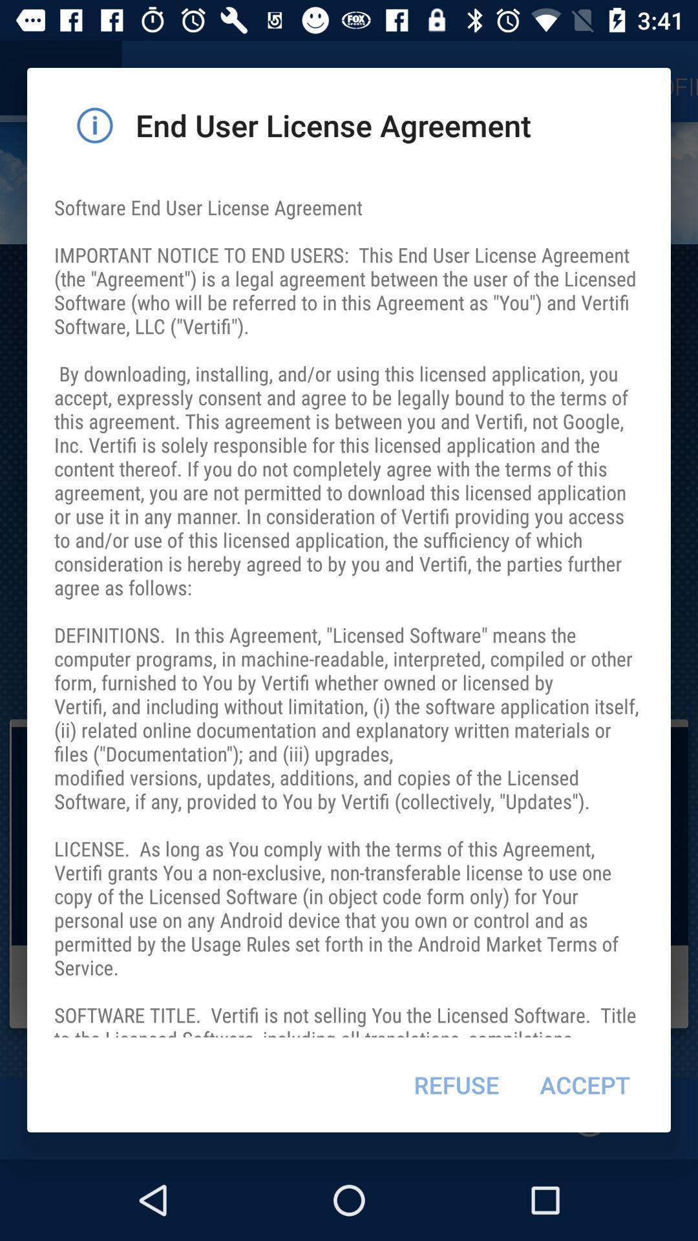 This screenshot has height=1241, width=698. What do you see at coordinates (456, 1085) in the screenshot?
I see `refuse` at bounding box center [456, 1085].